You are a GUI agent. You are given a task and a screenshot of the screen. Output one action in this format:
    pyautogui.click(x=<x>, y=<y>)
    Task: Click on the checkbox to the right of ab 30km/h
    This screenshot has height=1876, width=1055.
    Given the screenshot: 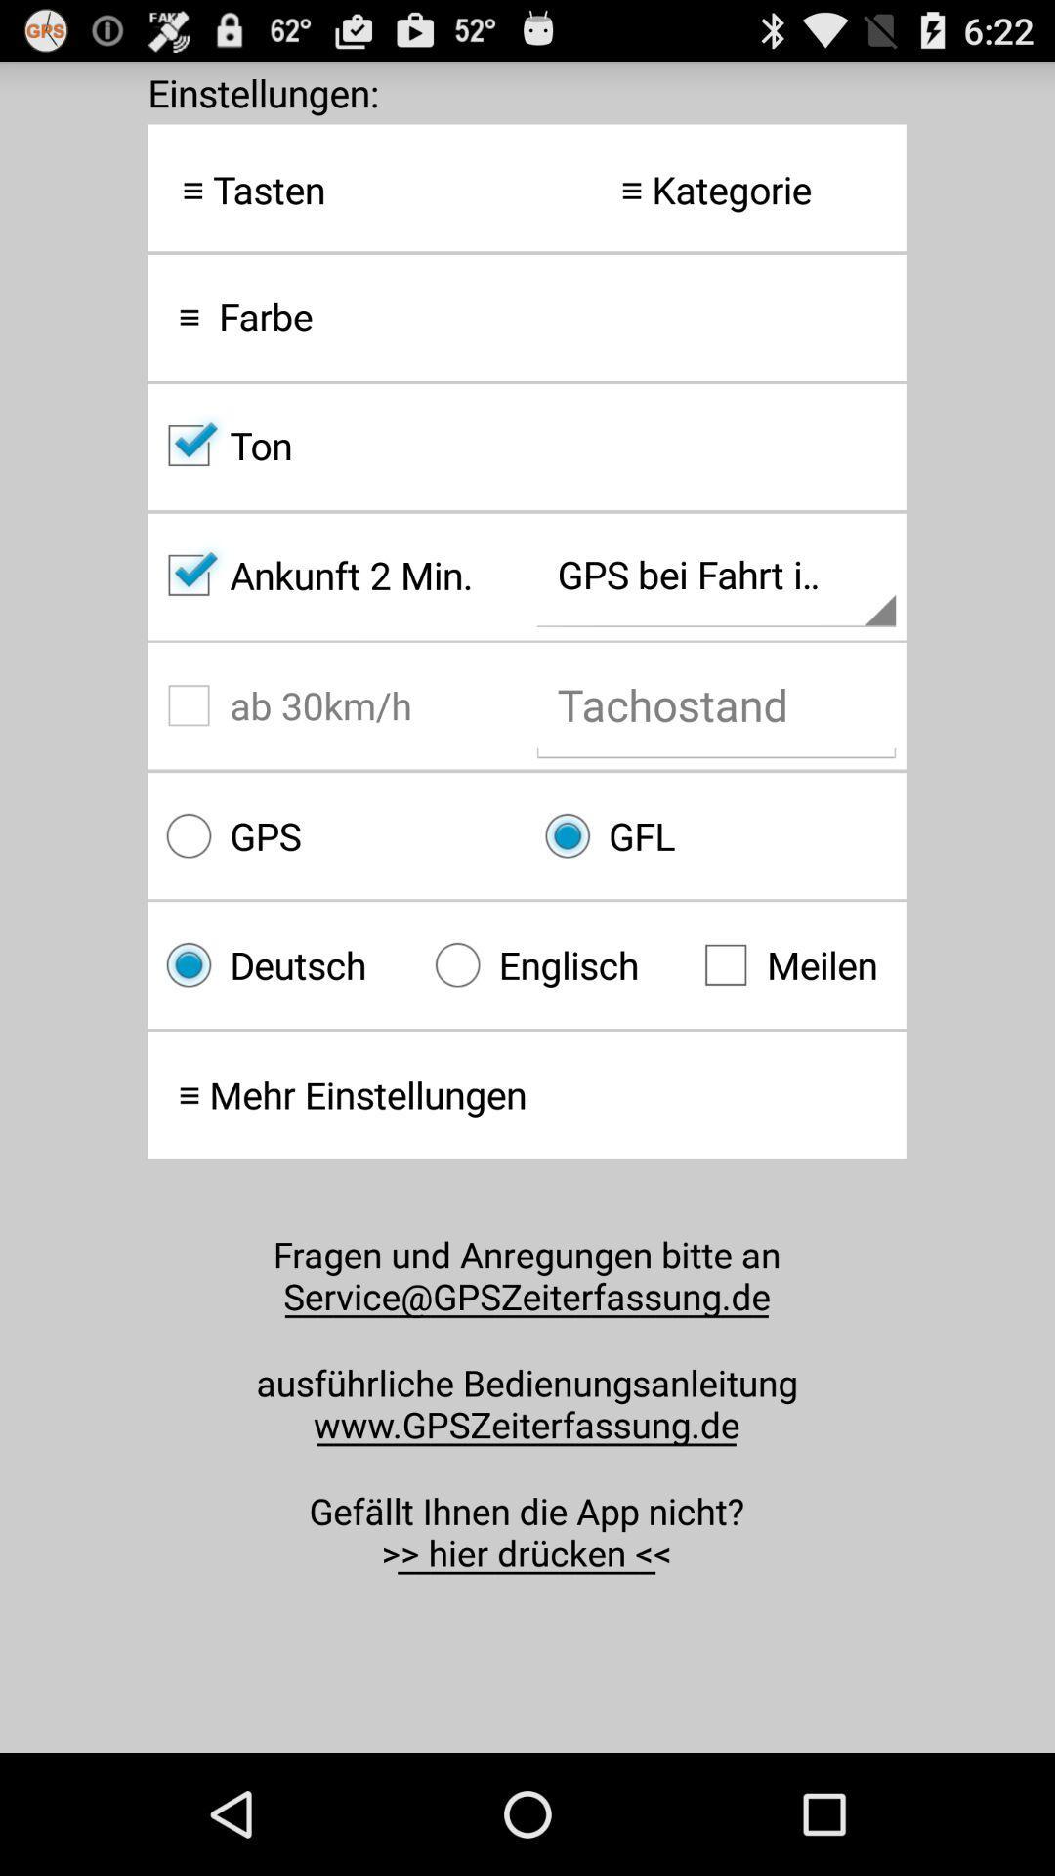 What is the action you would take?
    pyautogui.click(x=716, y=835)
    